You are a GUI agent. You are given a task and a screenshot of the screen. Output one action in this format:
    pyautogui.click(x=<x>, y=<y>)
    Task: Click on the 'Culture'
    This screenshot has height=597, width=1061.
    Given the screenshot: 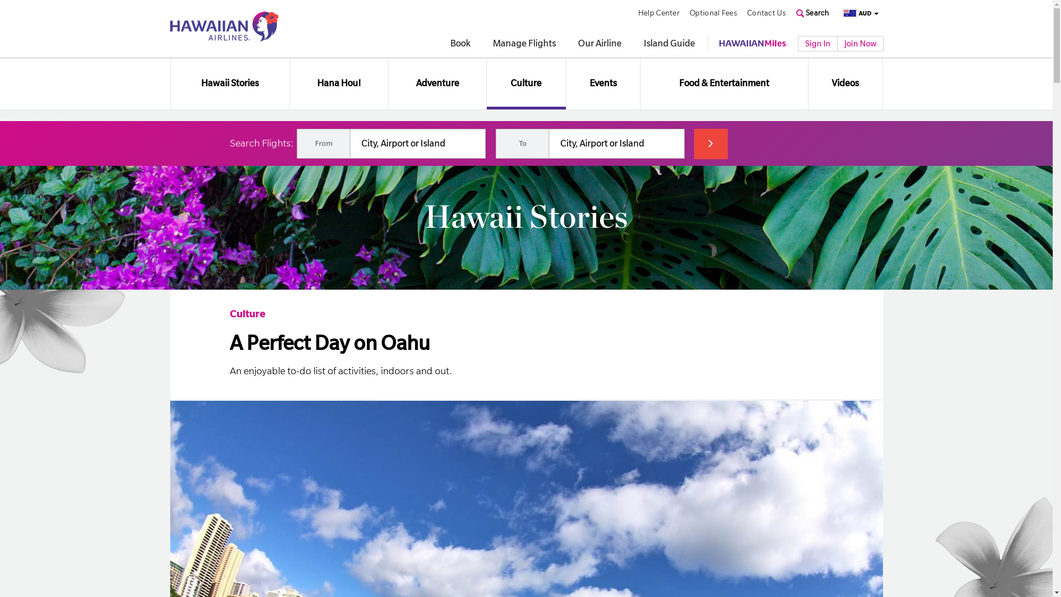 What is the action you would take?
    pyautogui.click(x=246, y=313)
    